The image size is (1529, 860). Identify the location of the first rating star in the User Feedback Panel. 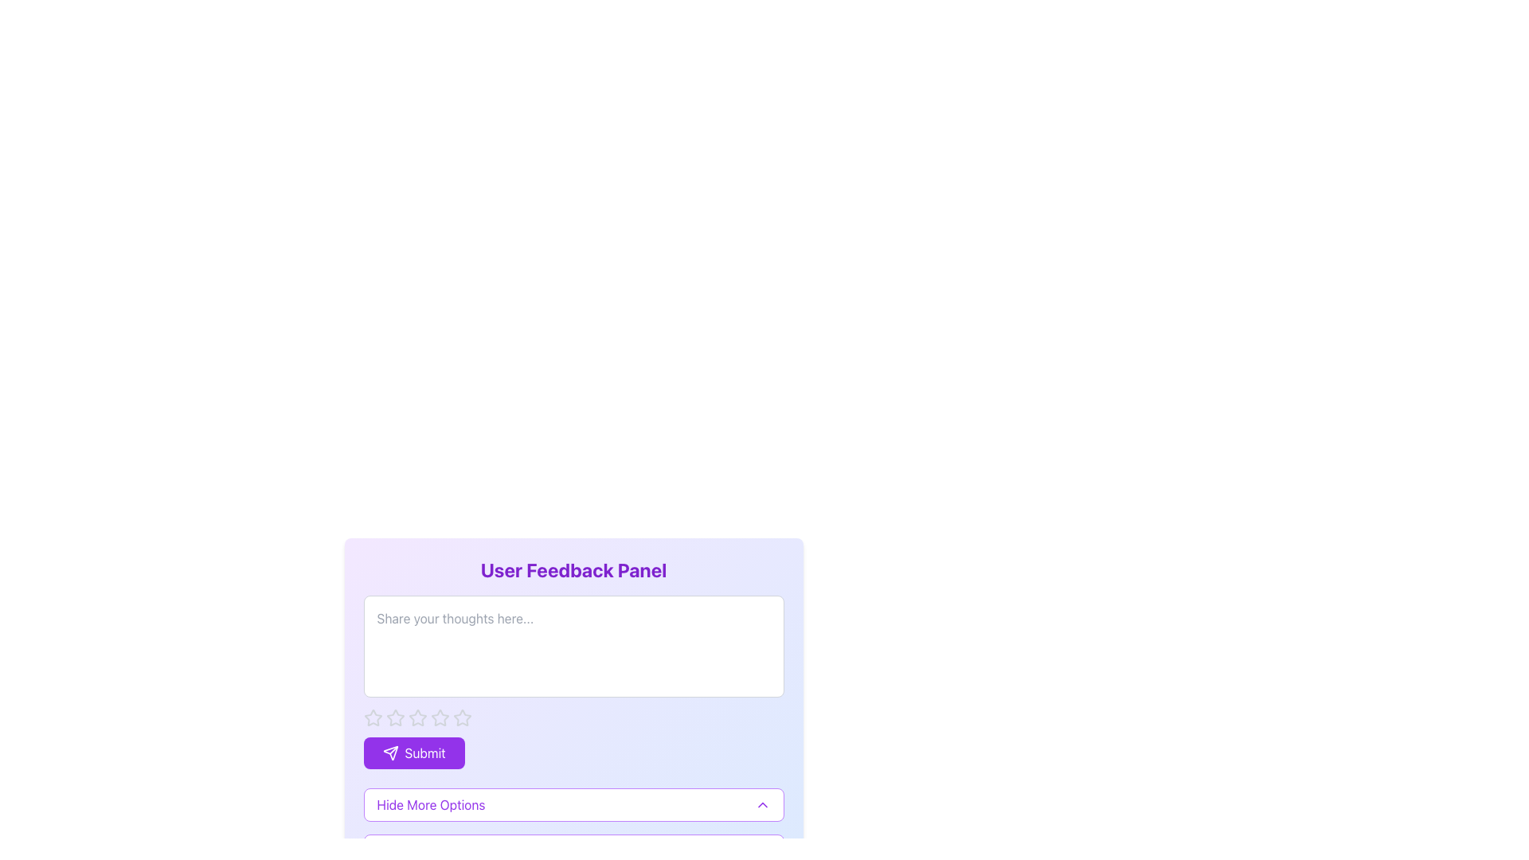
(372, 717).